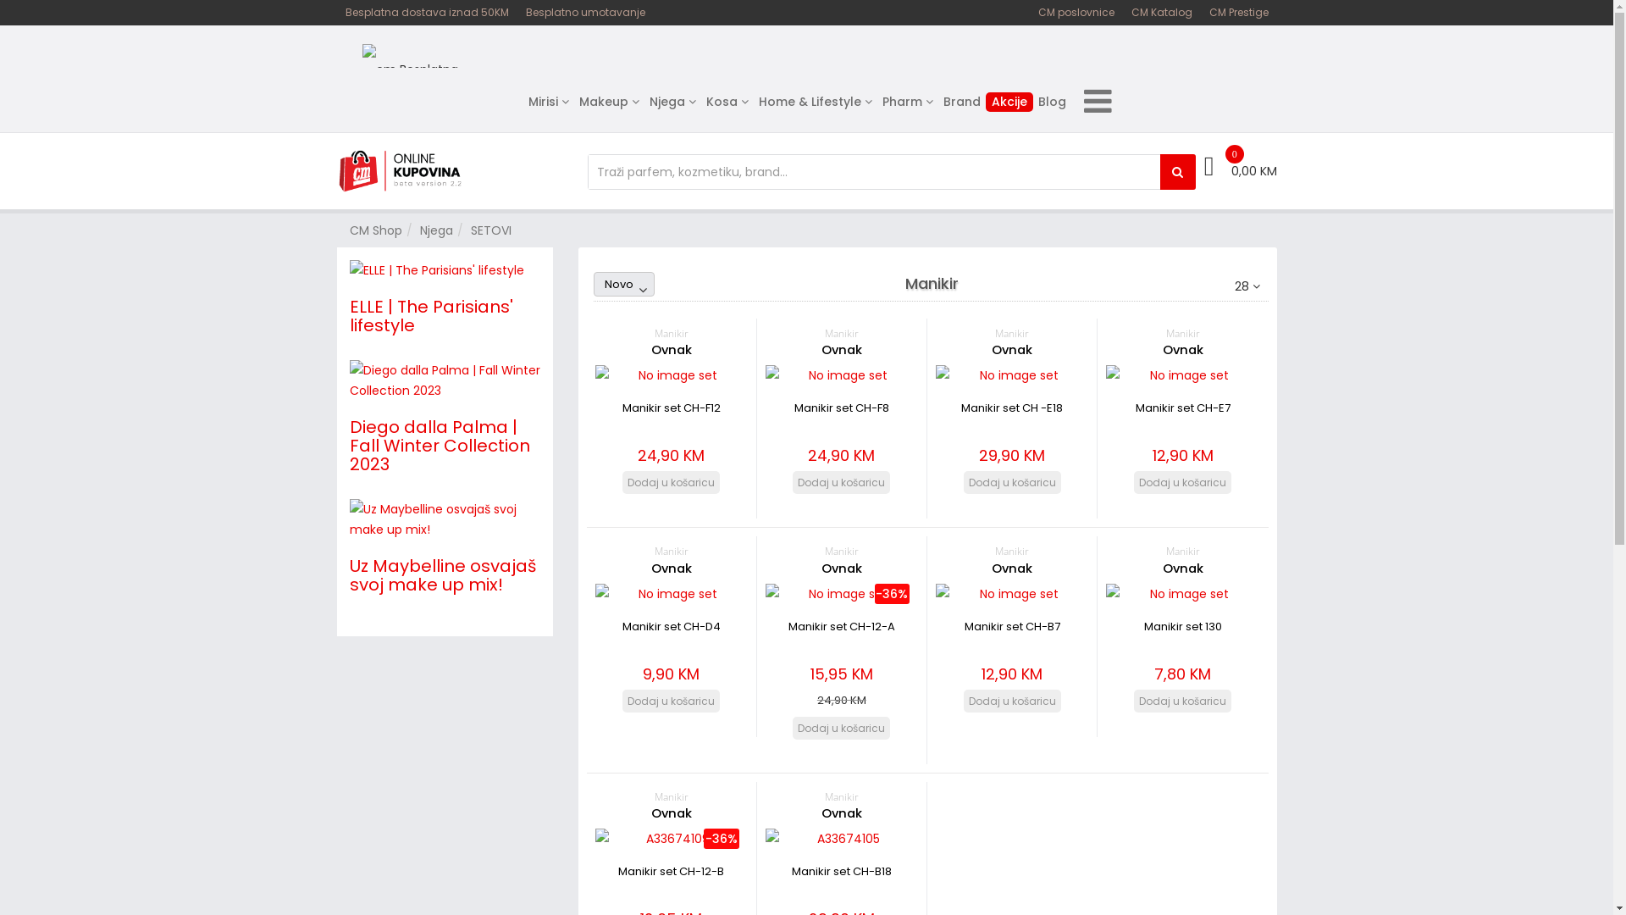 This screenshot has width=1626, height=915. I want to click on 'Blog', so click(1051, 102).